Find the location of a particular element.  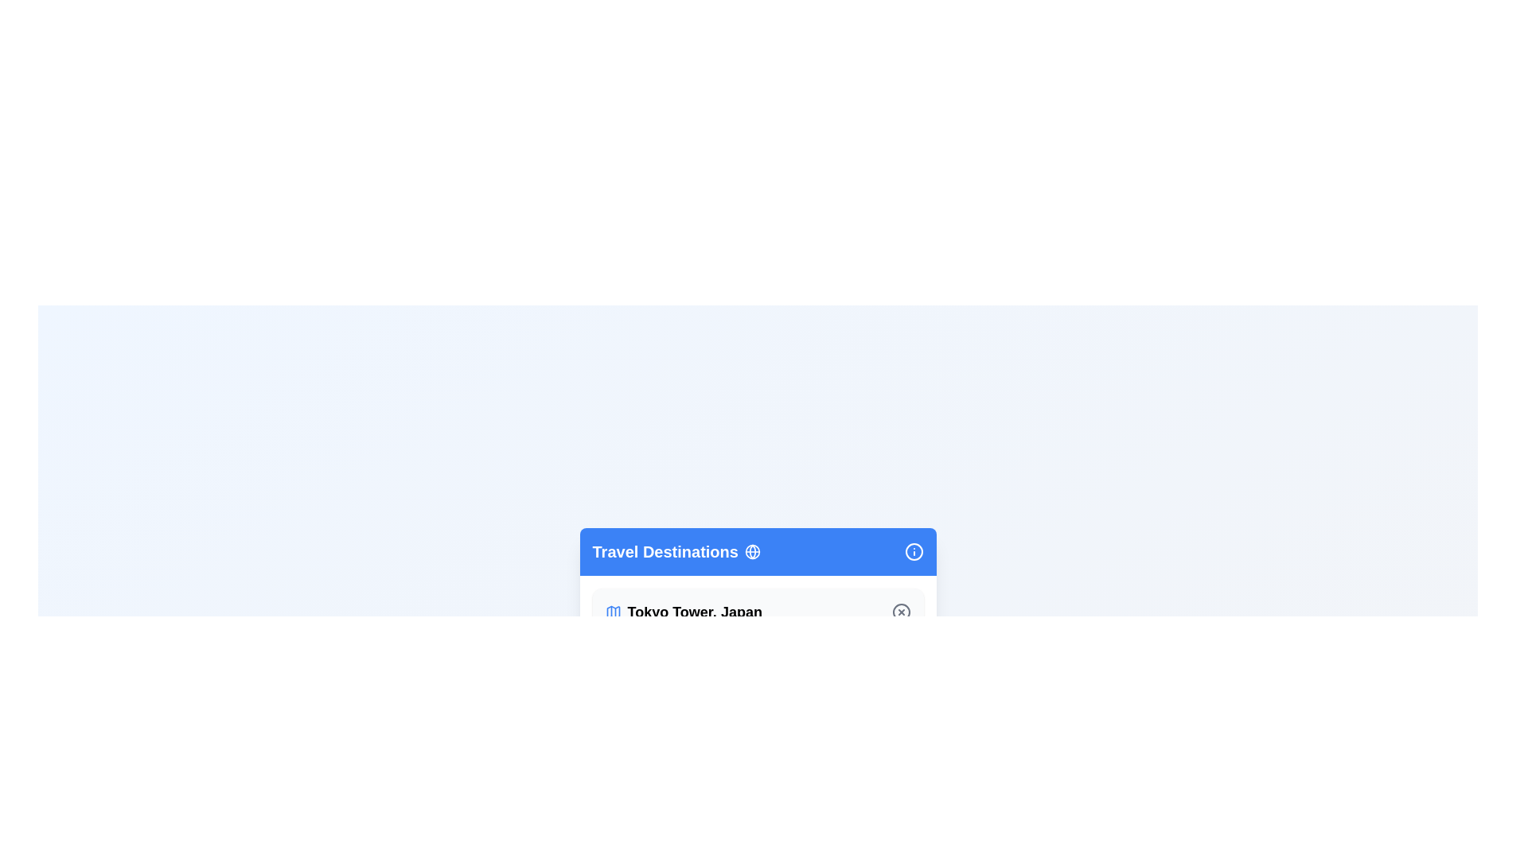

the interactive delete button associated with the entry for 'Tokyo Tower, Japan' to trigger hover effects such as color change is located at coordinates (901, 612).